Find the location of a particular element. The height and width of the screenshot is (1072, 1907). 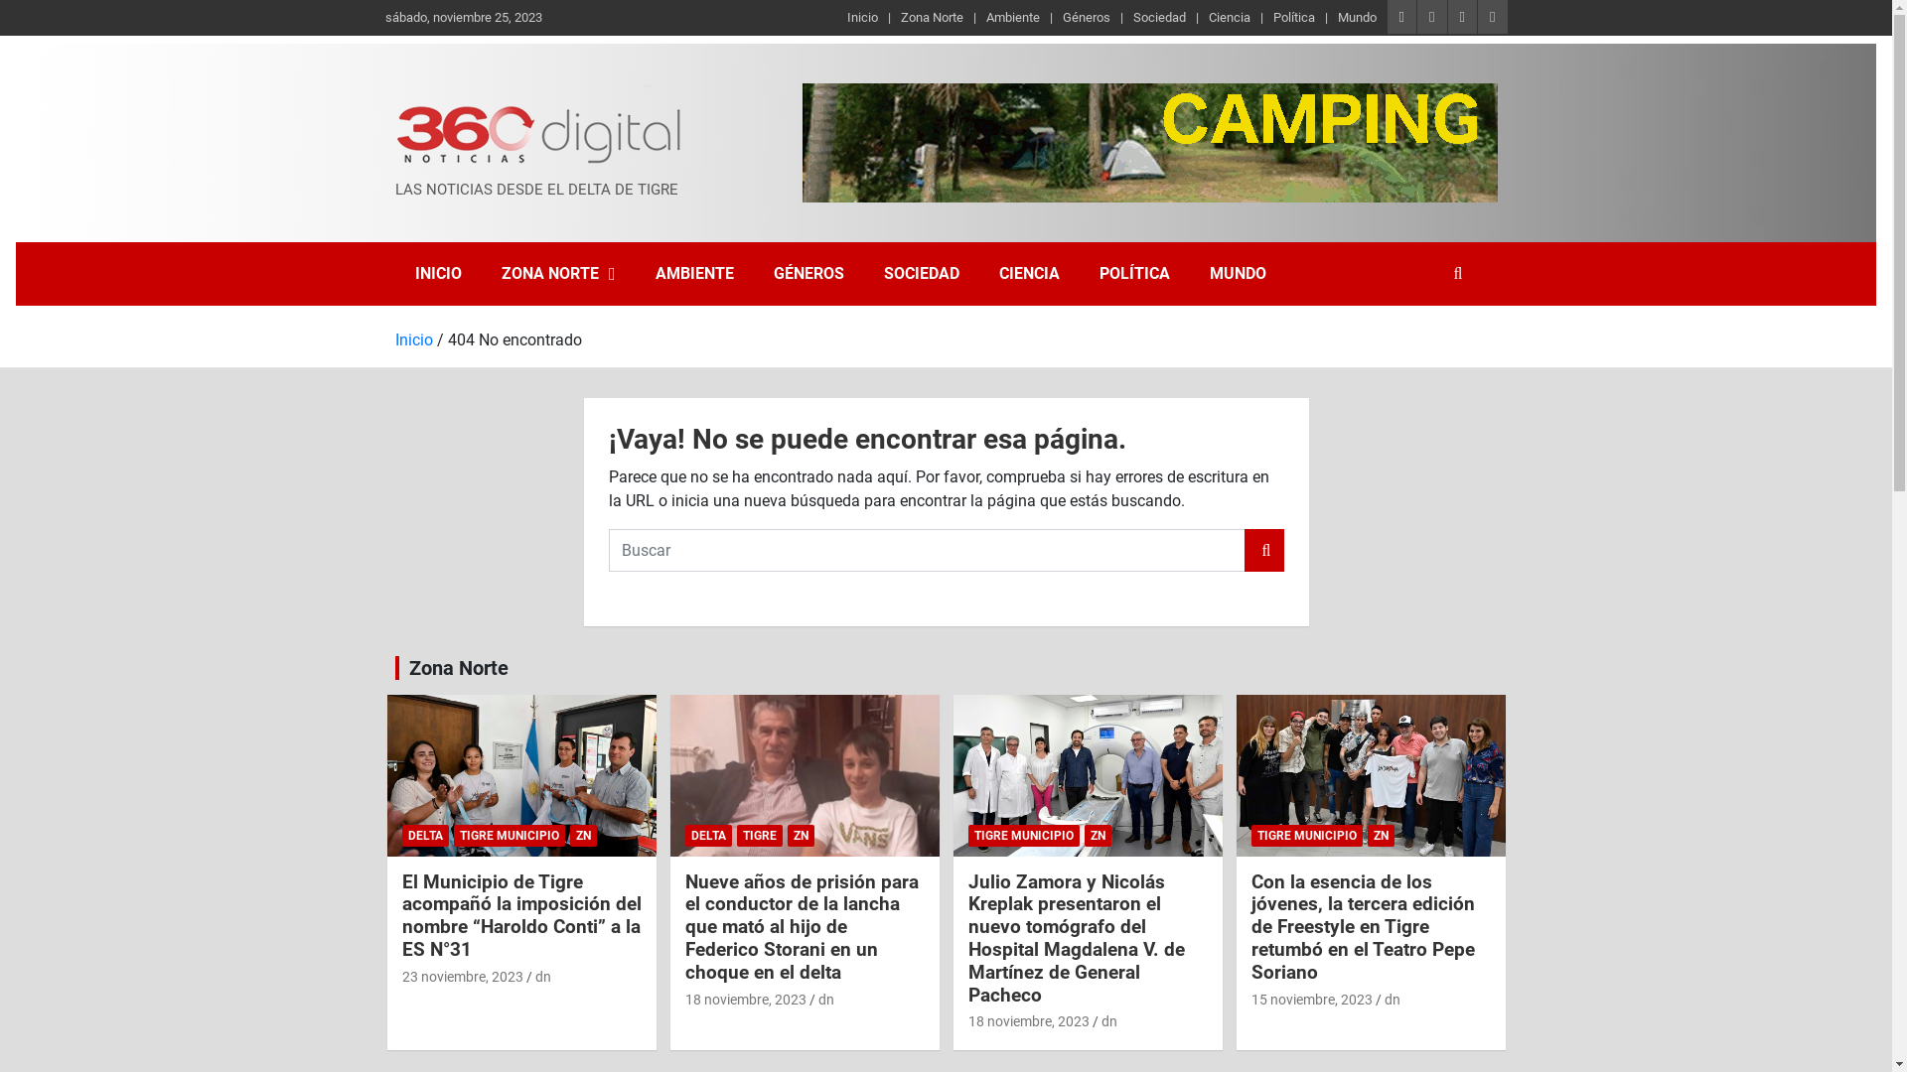

'DELTA' is located at coordinates (423, 835).